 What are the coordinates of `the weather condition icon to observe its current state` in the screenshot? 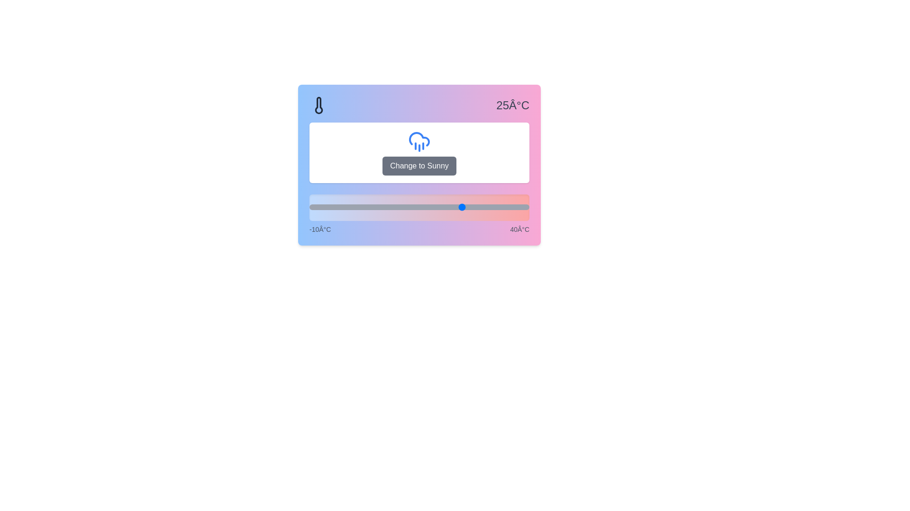 It's located at (419, 141).